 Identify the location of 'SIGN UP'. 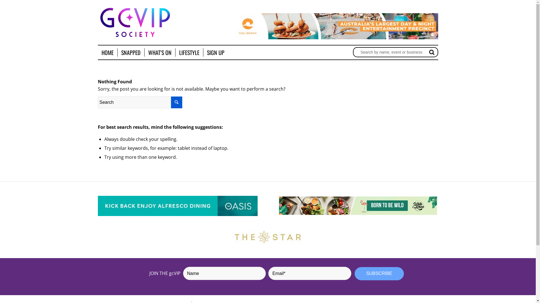
(215, 52).